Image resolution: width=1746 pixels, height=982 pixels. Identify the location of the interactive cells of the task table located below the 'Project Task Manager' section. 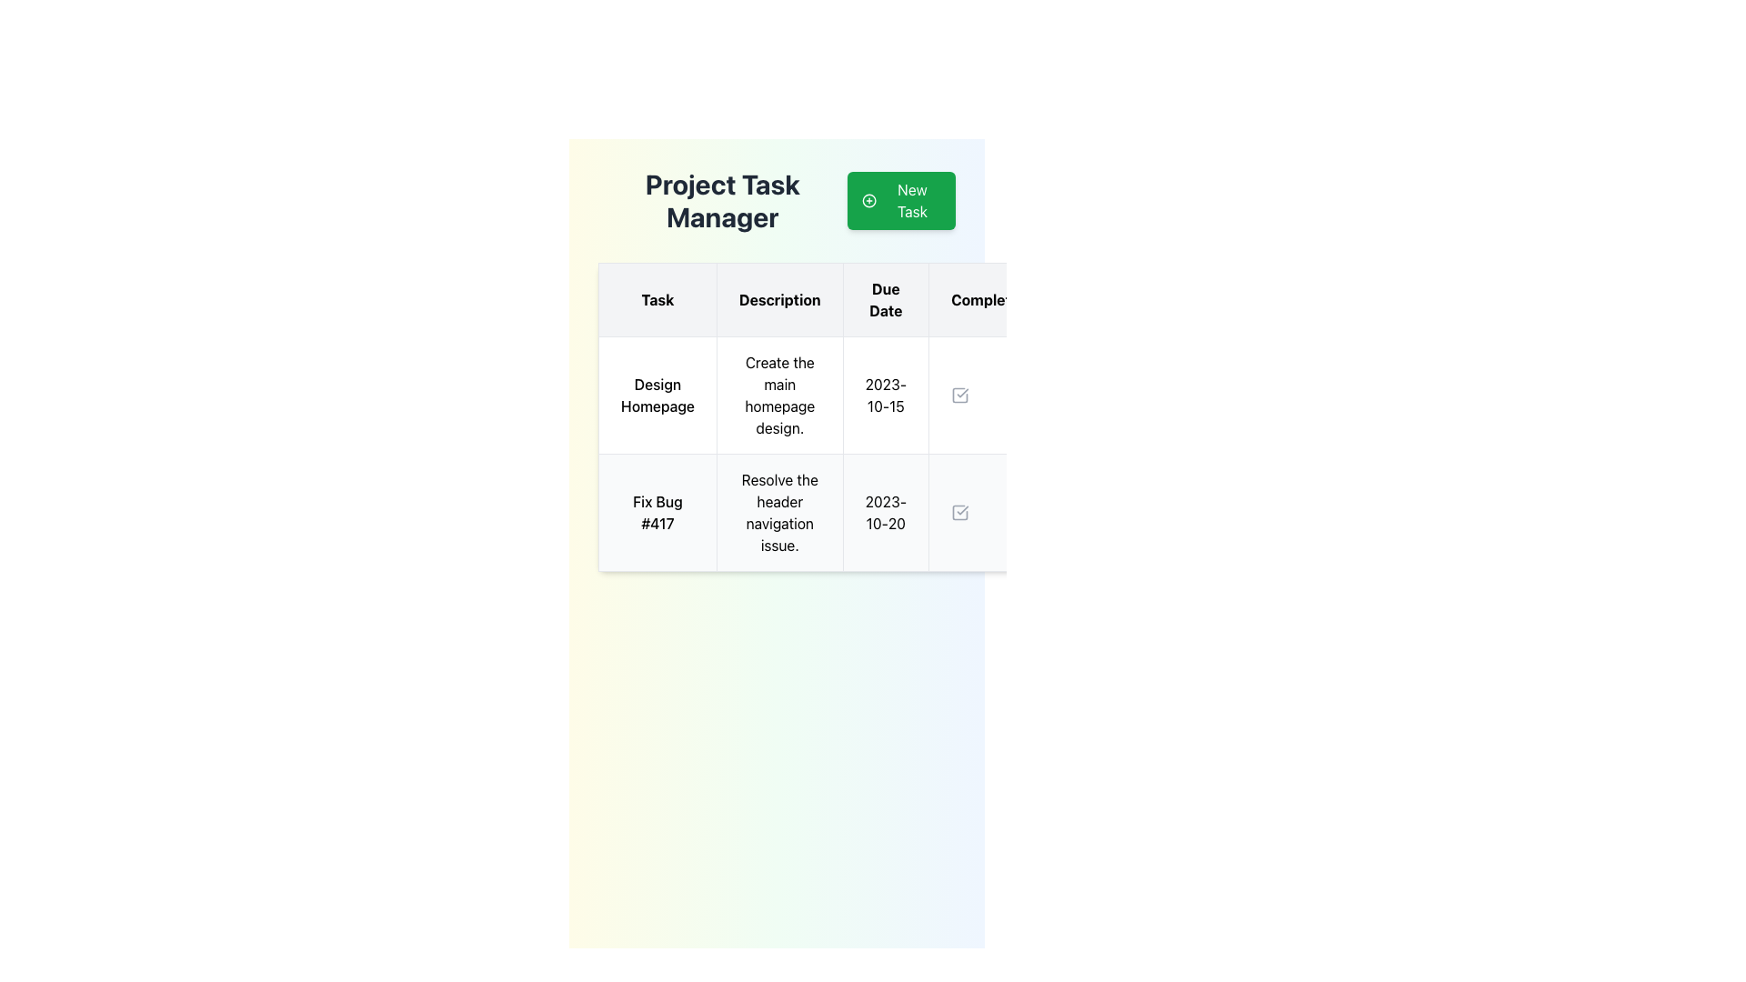
(868, 417).